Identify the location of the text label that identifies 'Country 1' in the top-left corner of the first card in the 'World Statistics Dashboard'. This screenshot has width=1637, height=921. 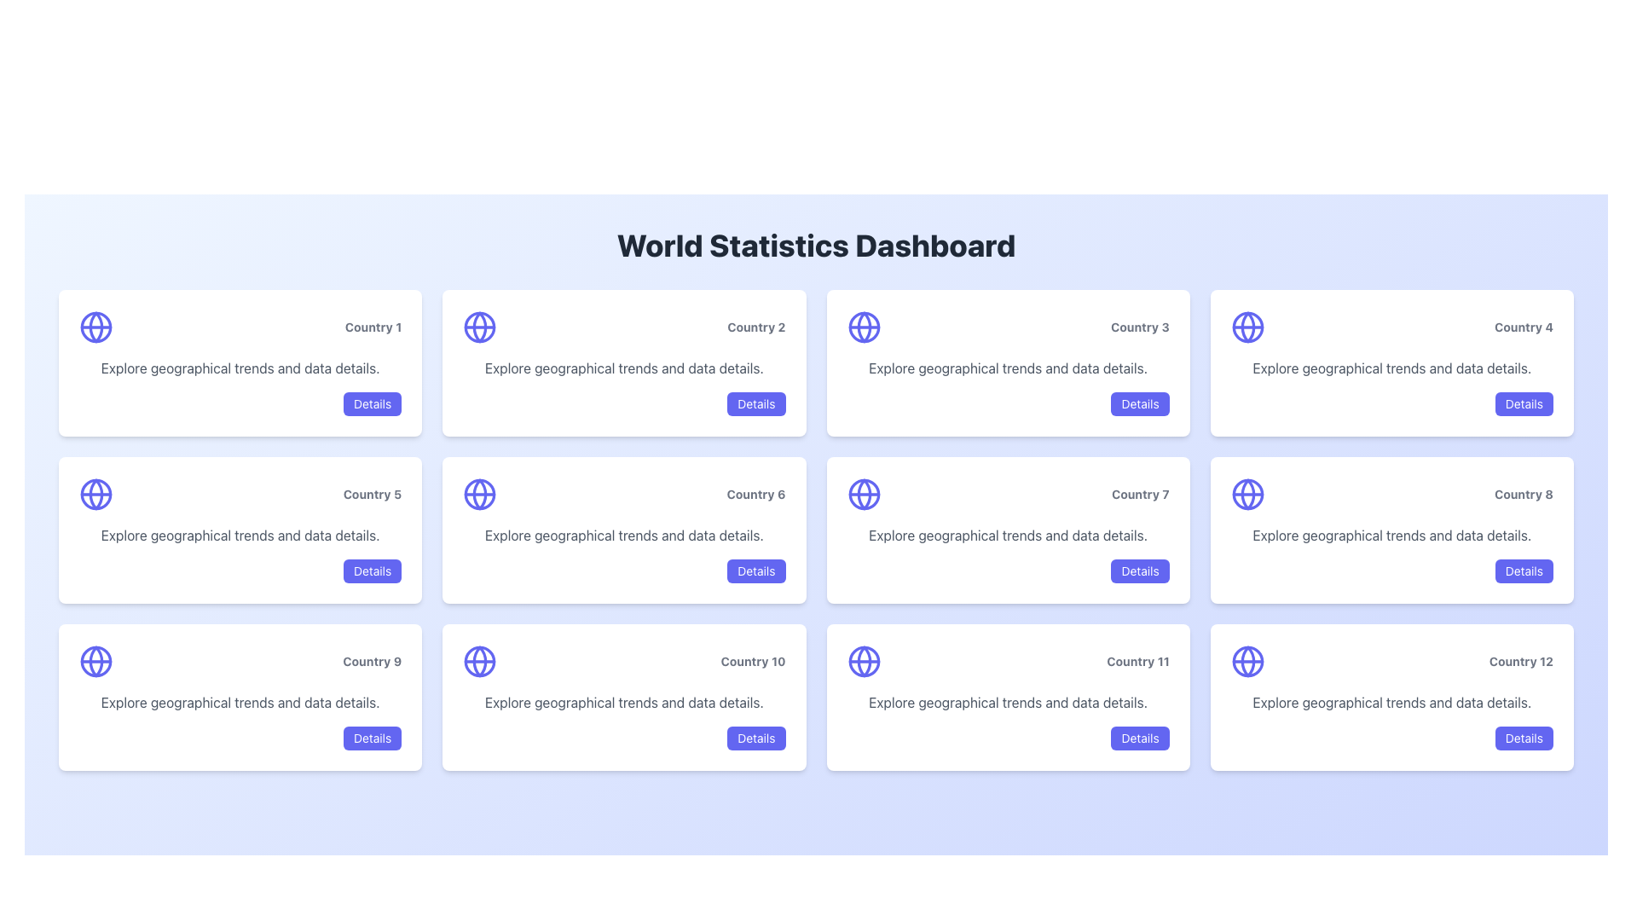
(373, 327).